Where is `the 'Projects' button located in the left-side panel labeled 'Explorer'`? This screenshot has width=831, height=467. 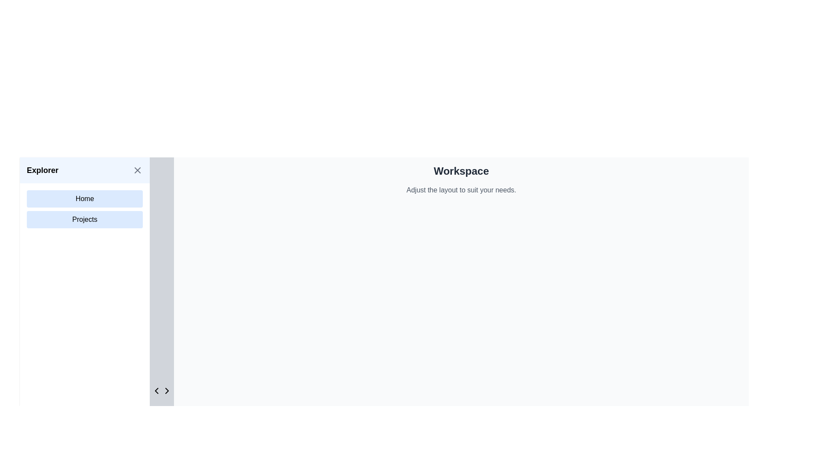
the 'Projects' button located in the left-side panel labeled 'Explorer' is located at coordinates (85, 219).